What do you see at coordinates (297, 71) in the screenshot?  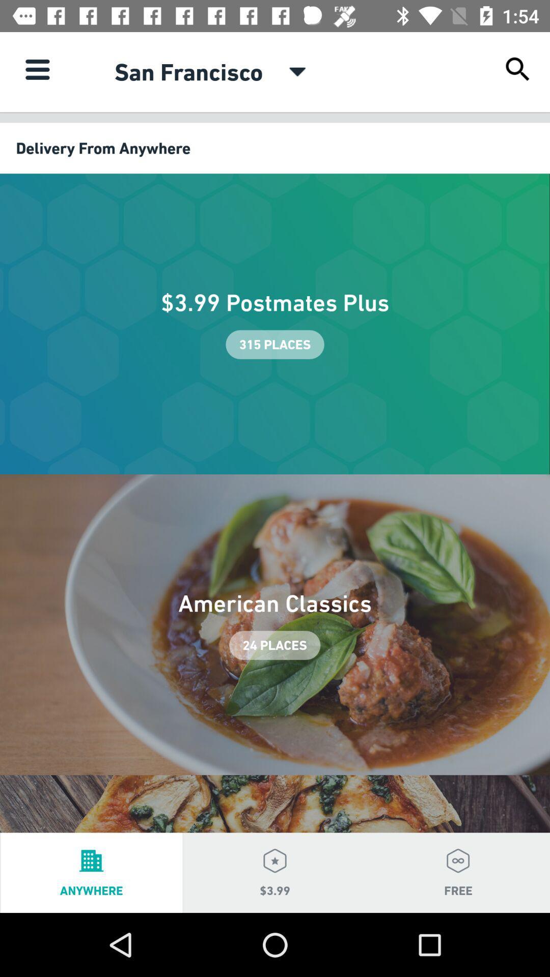 I see `the item next to the san francisco icon` at bounding box center [297, 71].